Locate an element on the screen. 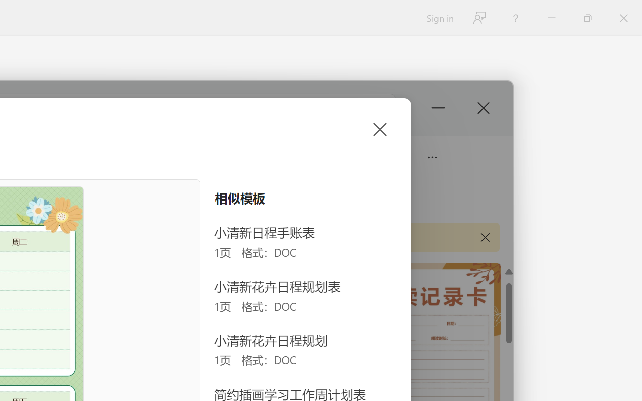 The width and height of the screenshot is (642, 401). 'Sign in' is located at coordinates (439, 17).